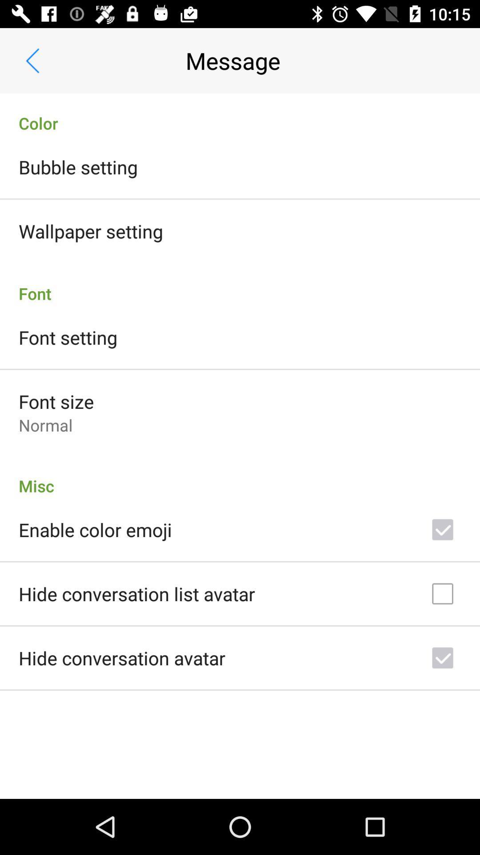  Describe the element at coordinates (32, 60) in the screenshot. I see `app next to the message` at that location.